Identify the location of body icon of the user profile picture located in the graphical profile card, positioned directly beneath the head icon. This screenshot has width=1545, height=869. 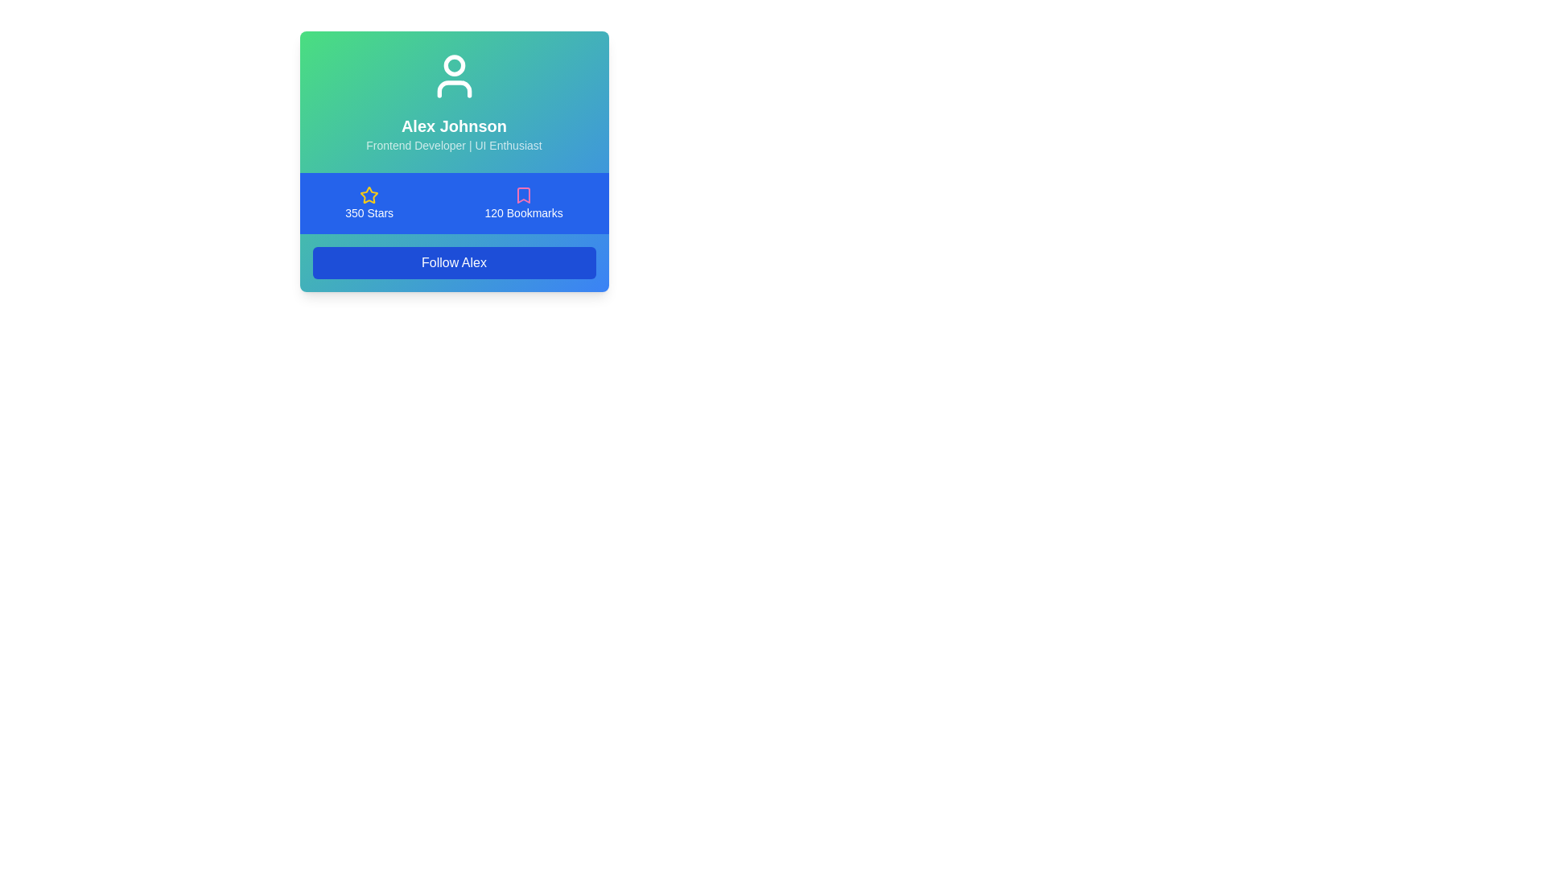
(453, 89).